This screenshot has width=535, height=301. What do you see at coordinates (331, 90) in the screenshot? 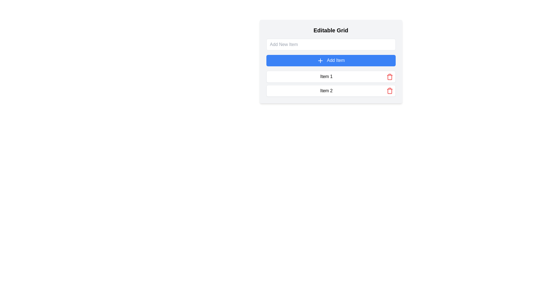
I see `the second item in the list under the 'Editable Grid' header, which displays item details and provides interaction options` at bounding box center [331, 90].